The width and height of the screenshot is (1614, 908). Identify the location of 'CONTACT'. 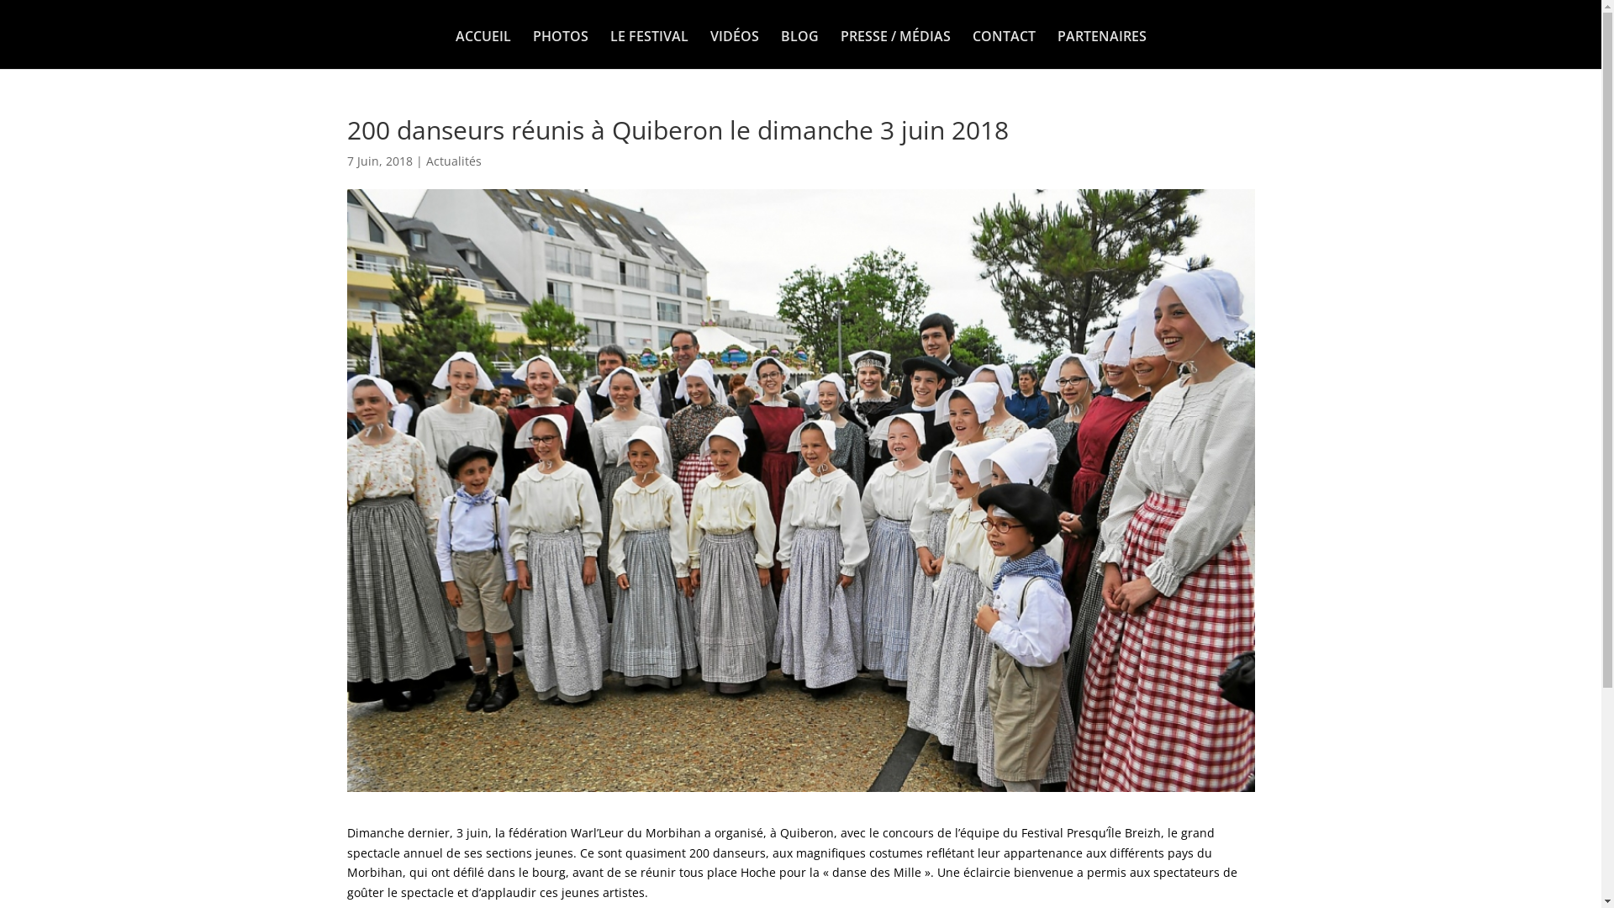
(972, 48).